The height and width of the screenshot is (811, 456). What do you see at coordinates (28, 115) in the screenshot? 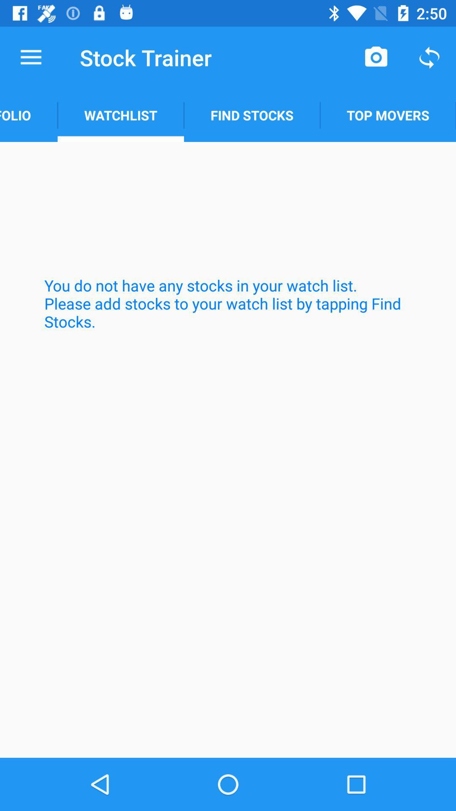
I see `the portfolio app` at bounding box center [28, 115].